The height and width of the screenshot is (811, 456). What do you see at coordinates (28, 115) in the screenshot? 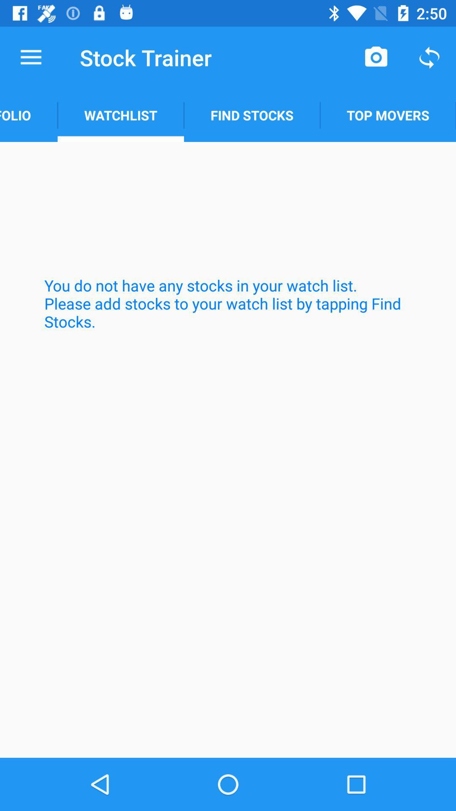
I see `the portfolio app` at bounding box center [28, 115].